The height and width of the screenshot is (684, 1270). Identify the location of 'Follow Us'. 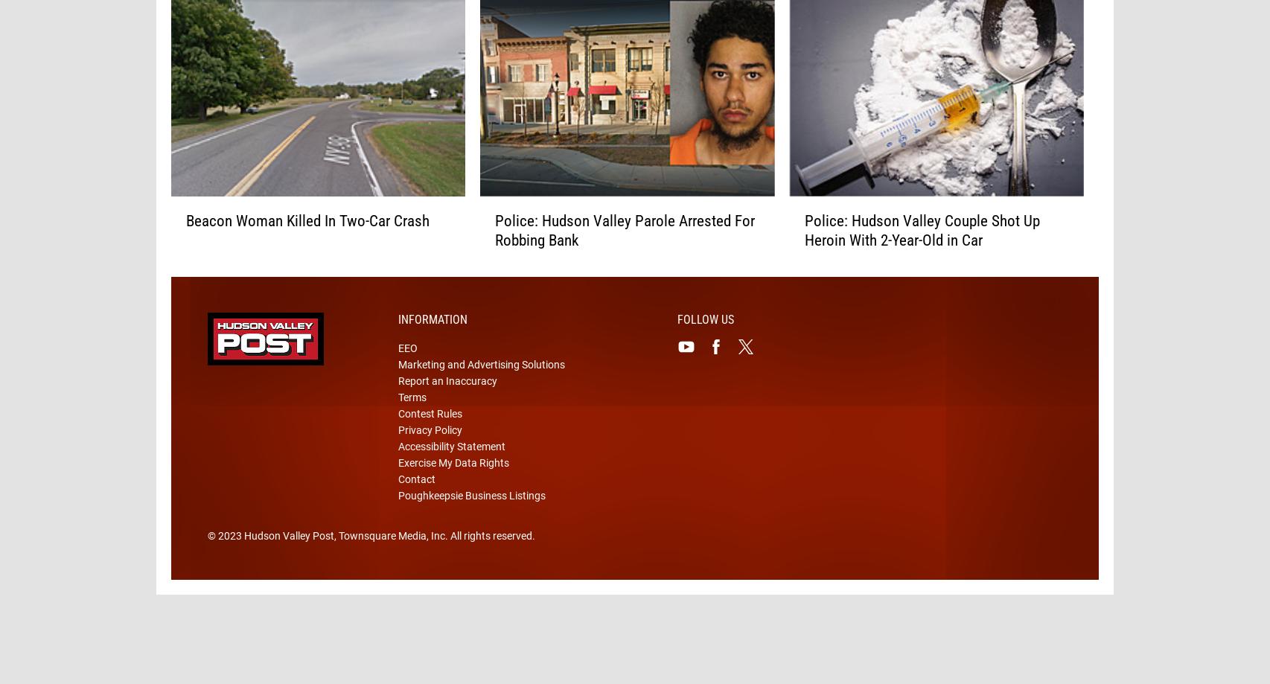
(706, 342).